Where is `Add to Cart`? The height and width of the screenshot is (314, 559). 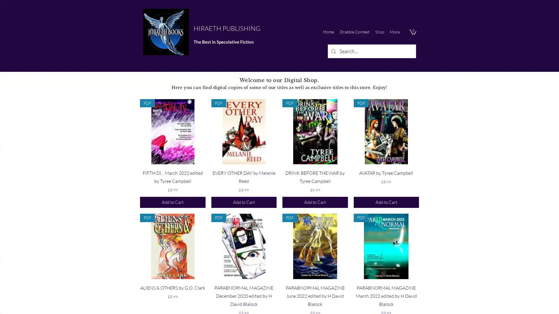 Add to Cart is located at coordinates (172, 202).